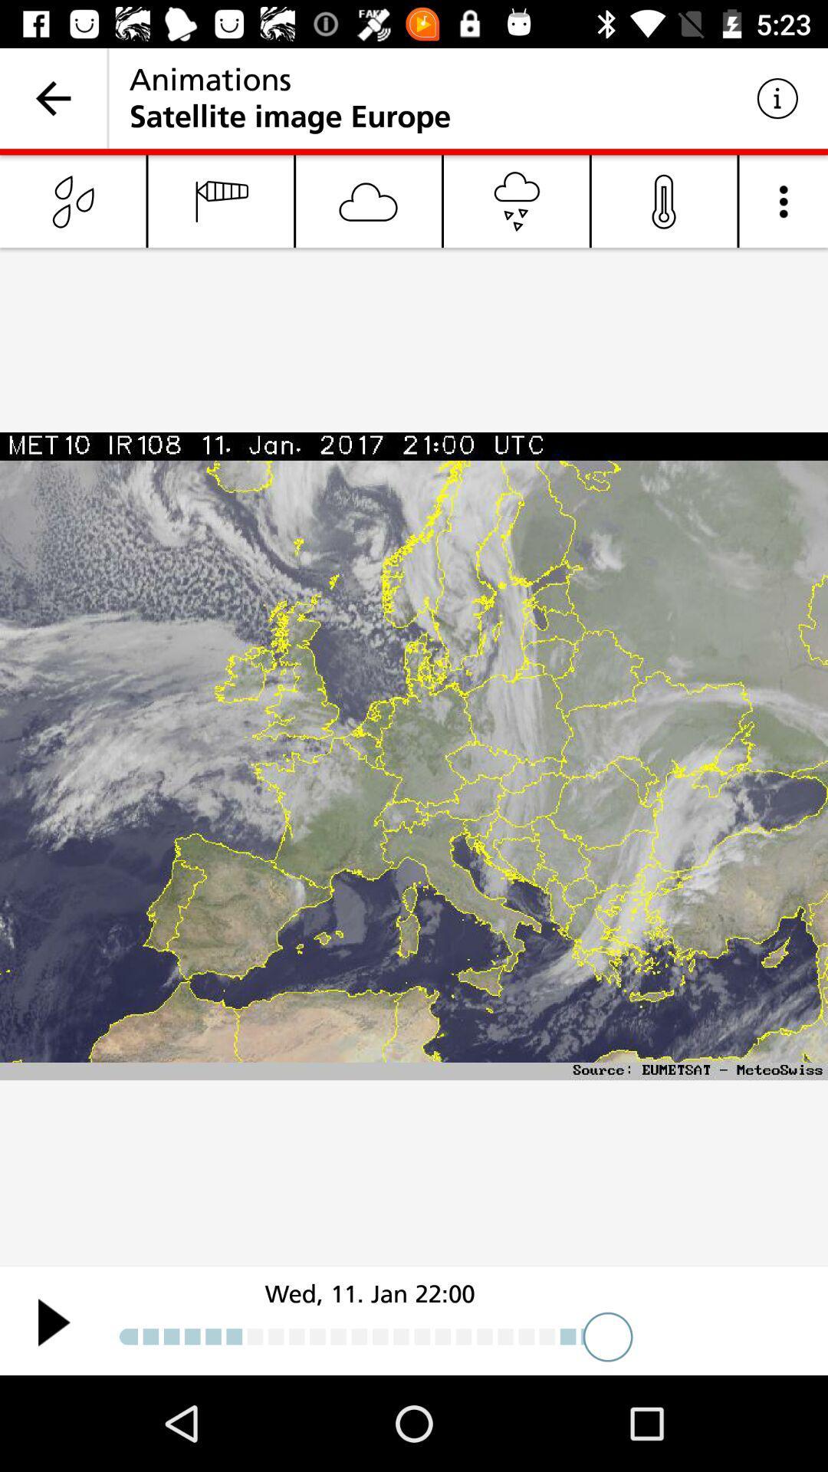  I want to click on more options, so click(784, 200).